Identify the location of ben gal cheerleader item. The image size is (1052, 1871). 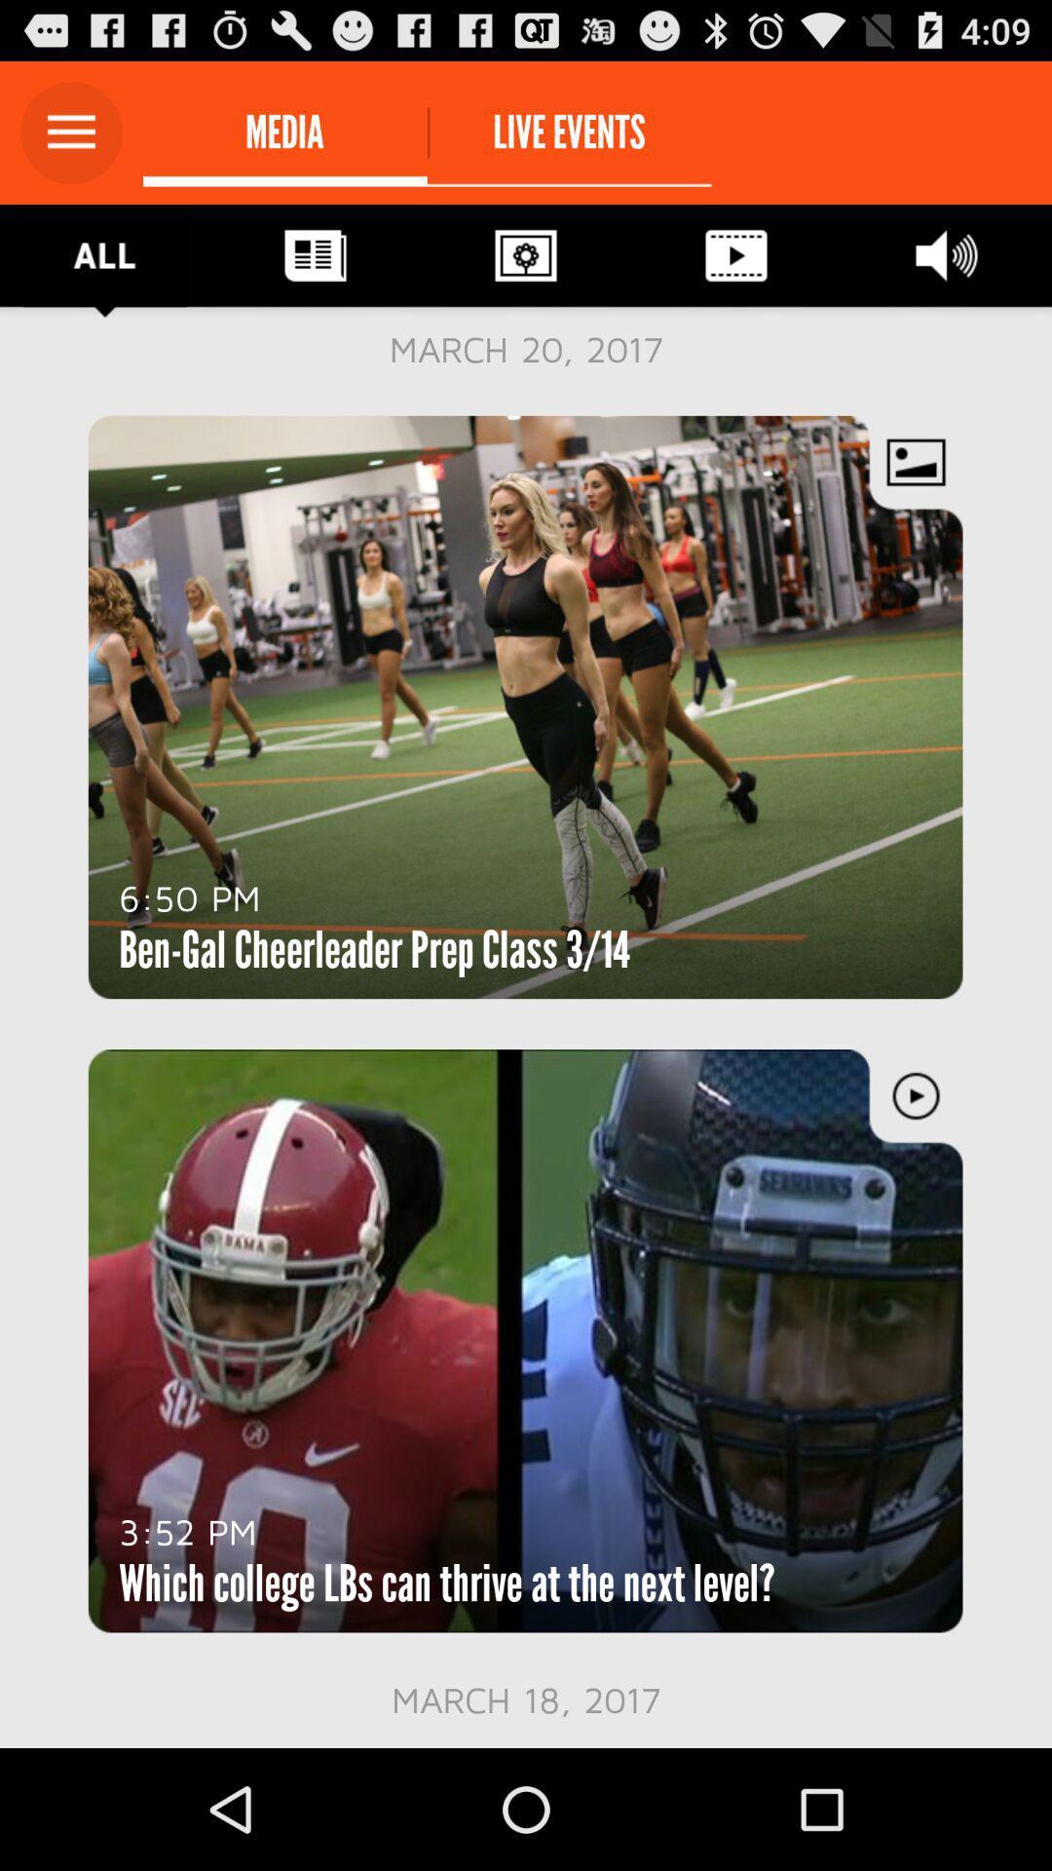
(374, 949).